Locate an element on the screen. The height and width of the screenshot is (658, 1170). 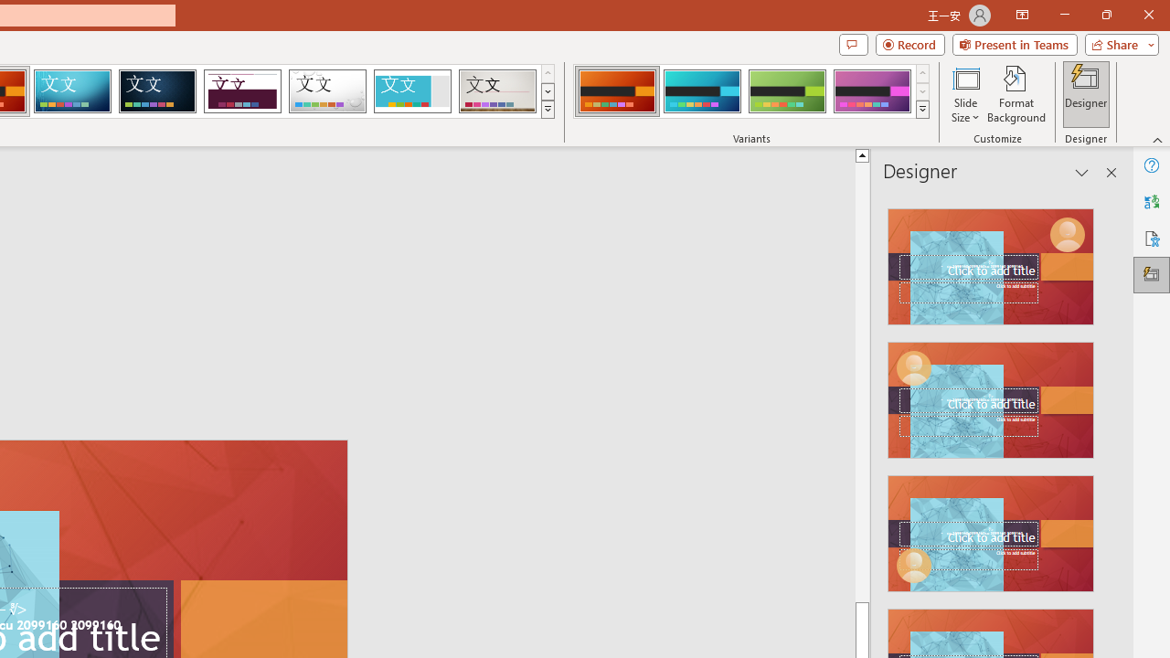
'Design Idea' is located at coordinates (990, 527).